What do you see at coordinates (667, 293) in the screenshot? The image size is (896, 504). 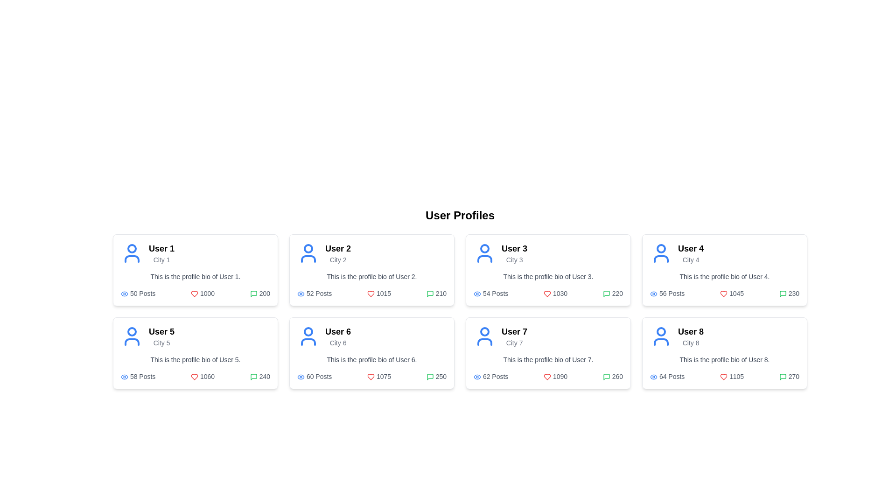 I see `the label displaying the number of posts made by 'User 4' on their profile card, located in the lower left corner of the card` at bounding box center [667, 293].